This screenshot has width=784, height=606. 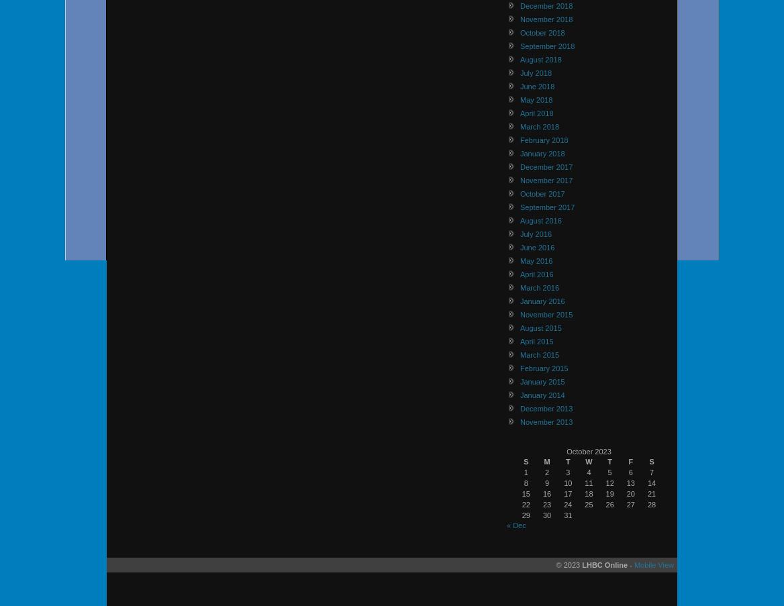 I want to click on 'May 2018', so click(x=520, y=99).